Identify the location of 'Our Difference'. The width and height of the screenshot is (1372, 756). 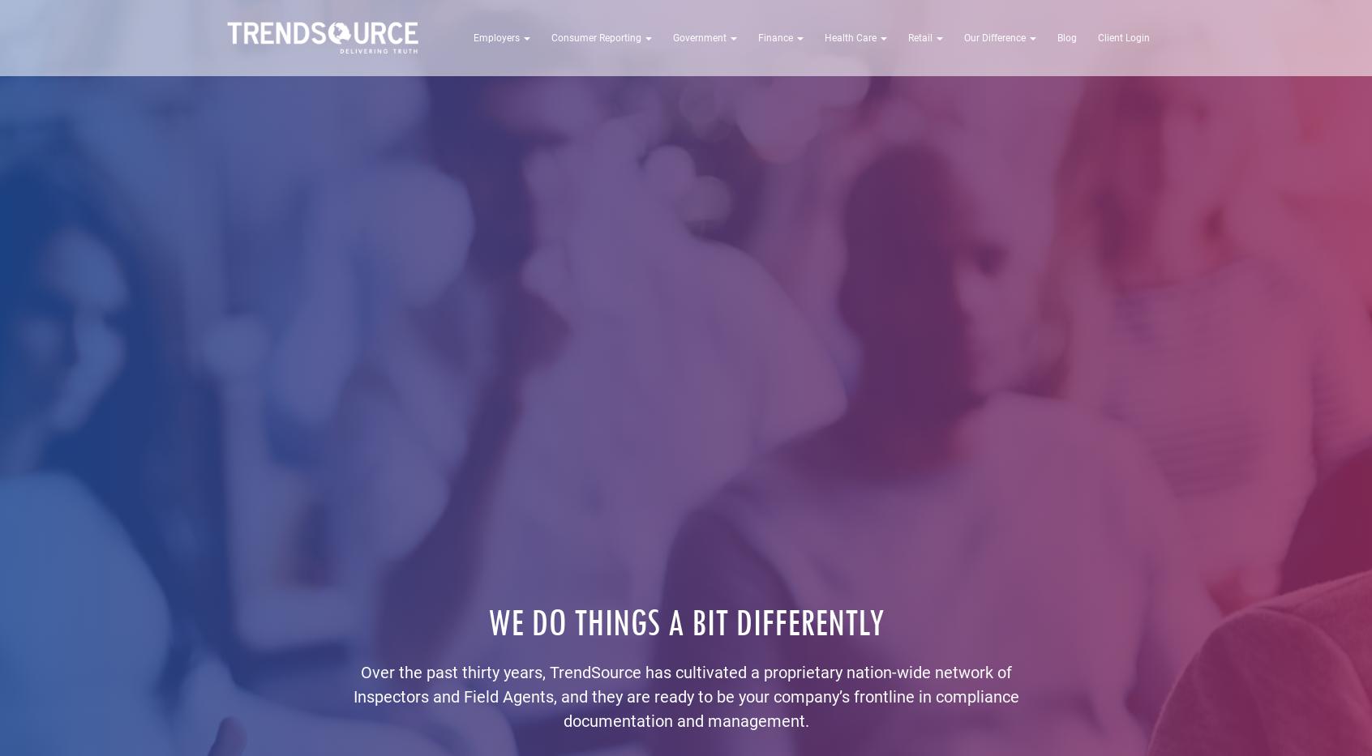
(963, 37).